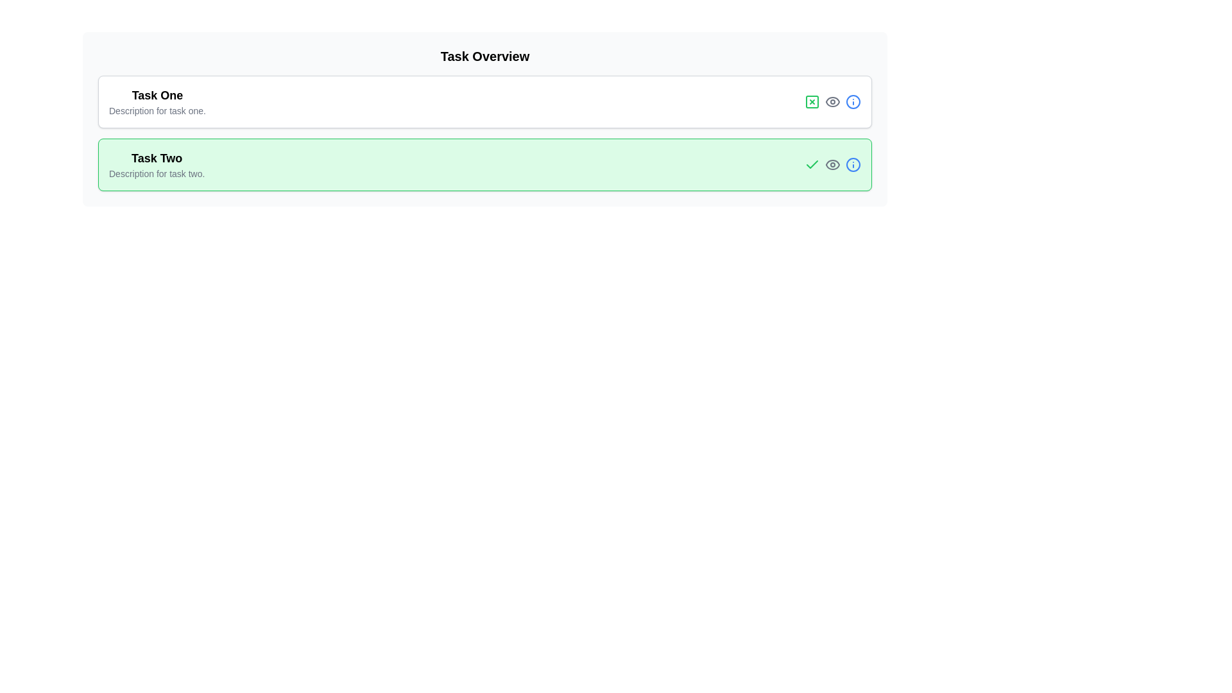  I want to click on 'Task Overview' text header, which is a bold, black-colored title located at the top of the interface, above 'Task One' and 'Task Two', so click(484, 56).